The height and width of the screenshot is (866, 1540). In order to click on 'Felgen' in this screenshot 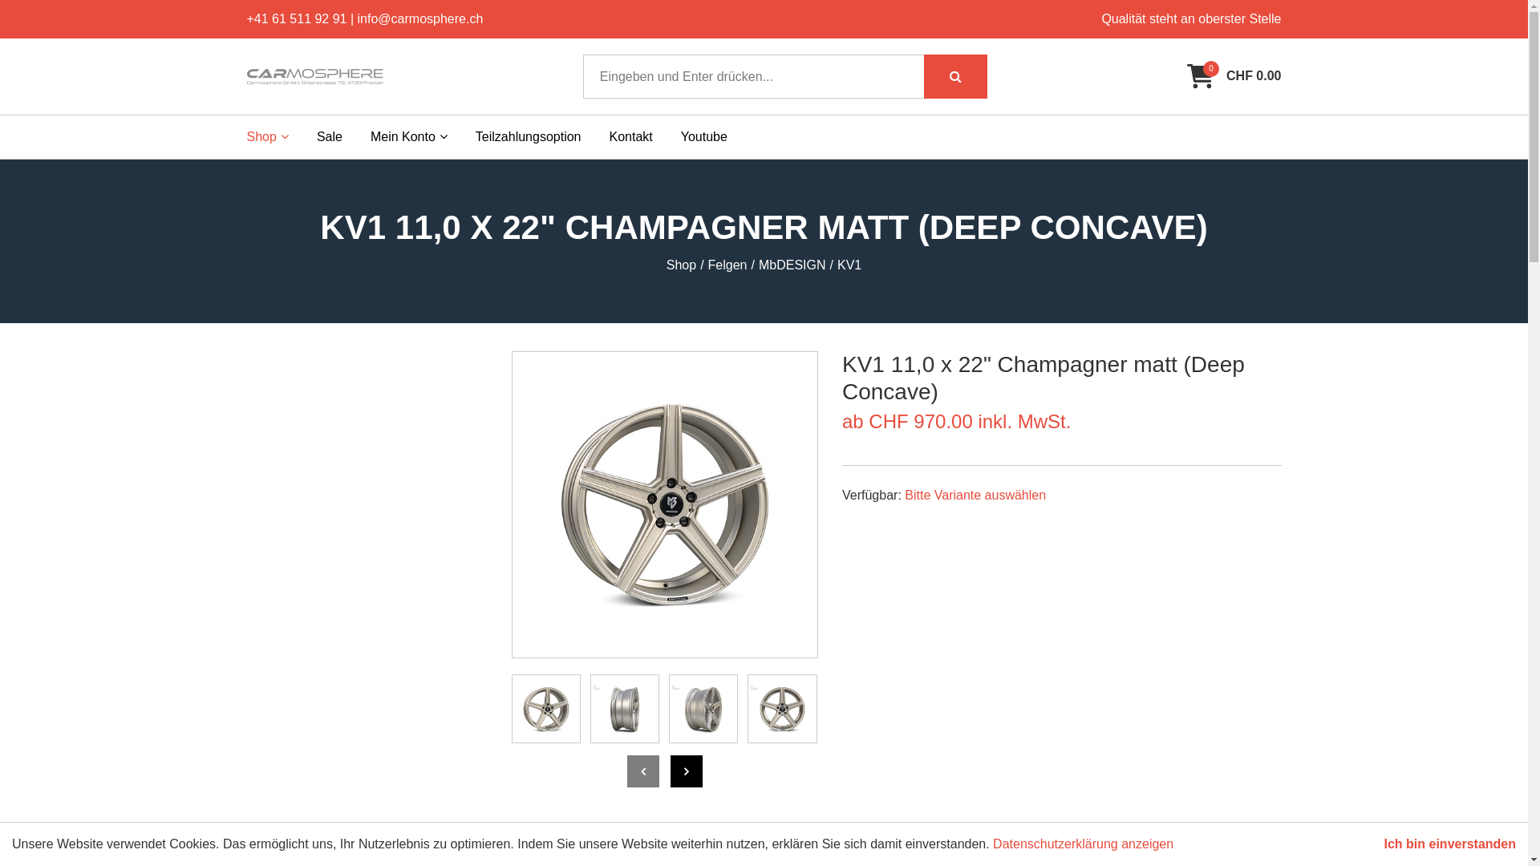, I will do `click(727, 265)`.